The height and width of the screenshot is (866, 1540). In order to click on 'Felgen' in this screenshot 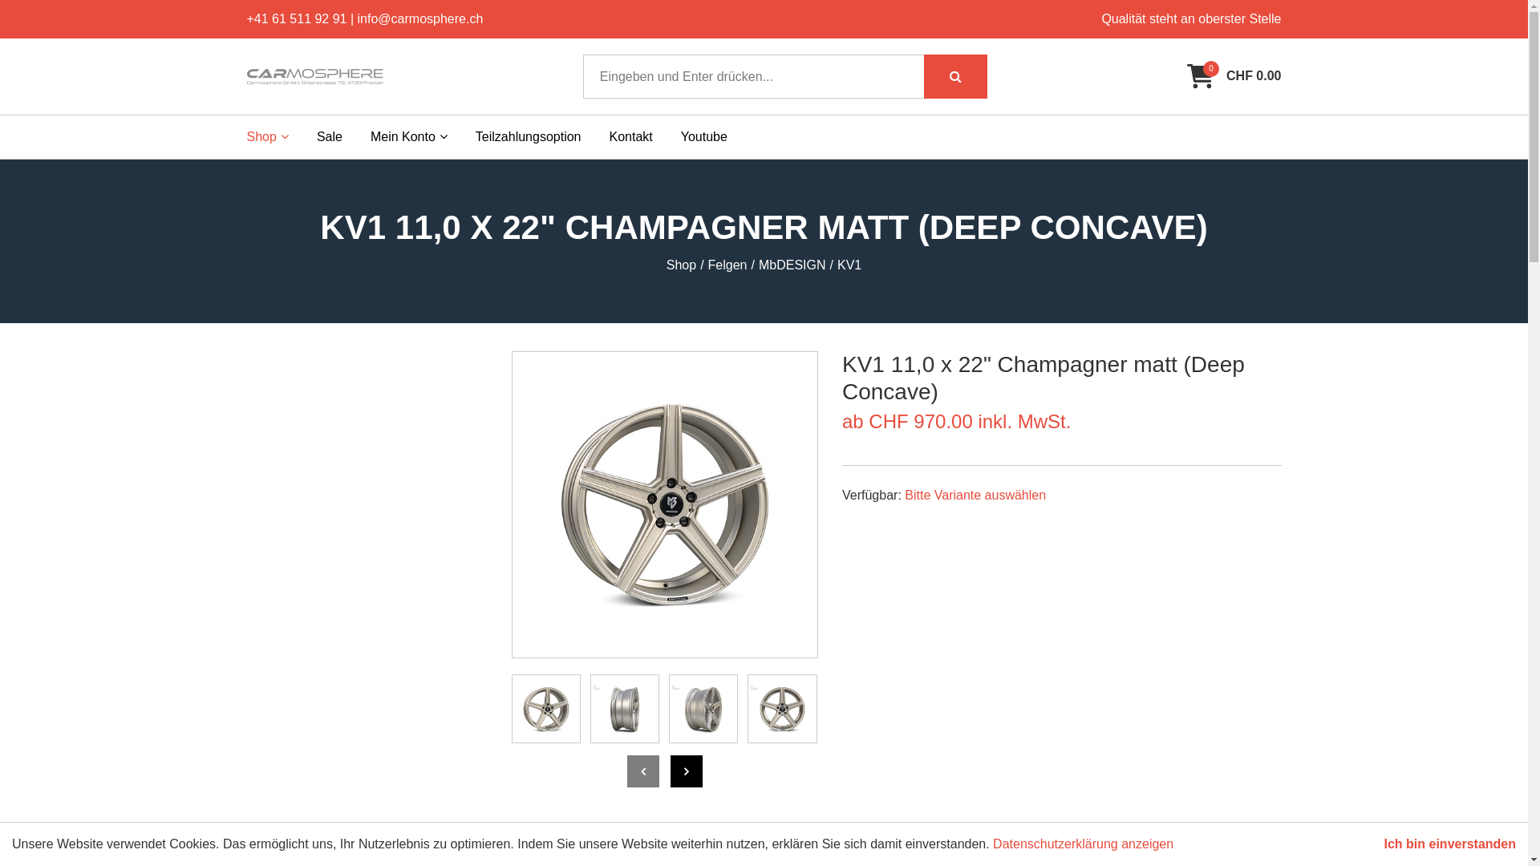, I will do `click(727, 265)`.